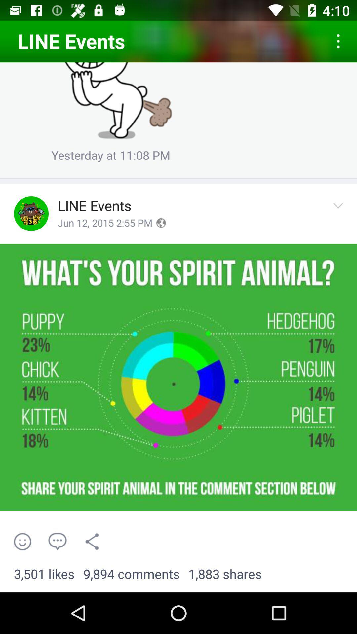  What do you see at coordinates (178, 178) in the screenshot?
I see `the icon below the yesterday at 11 icon` at bounding box center [178, 178].